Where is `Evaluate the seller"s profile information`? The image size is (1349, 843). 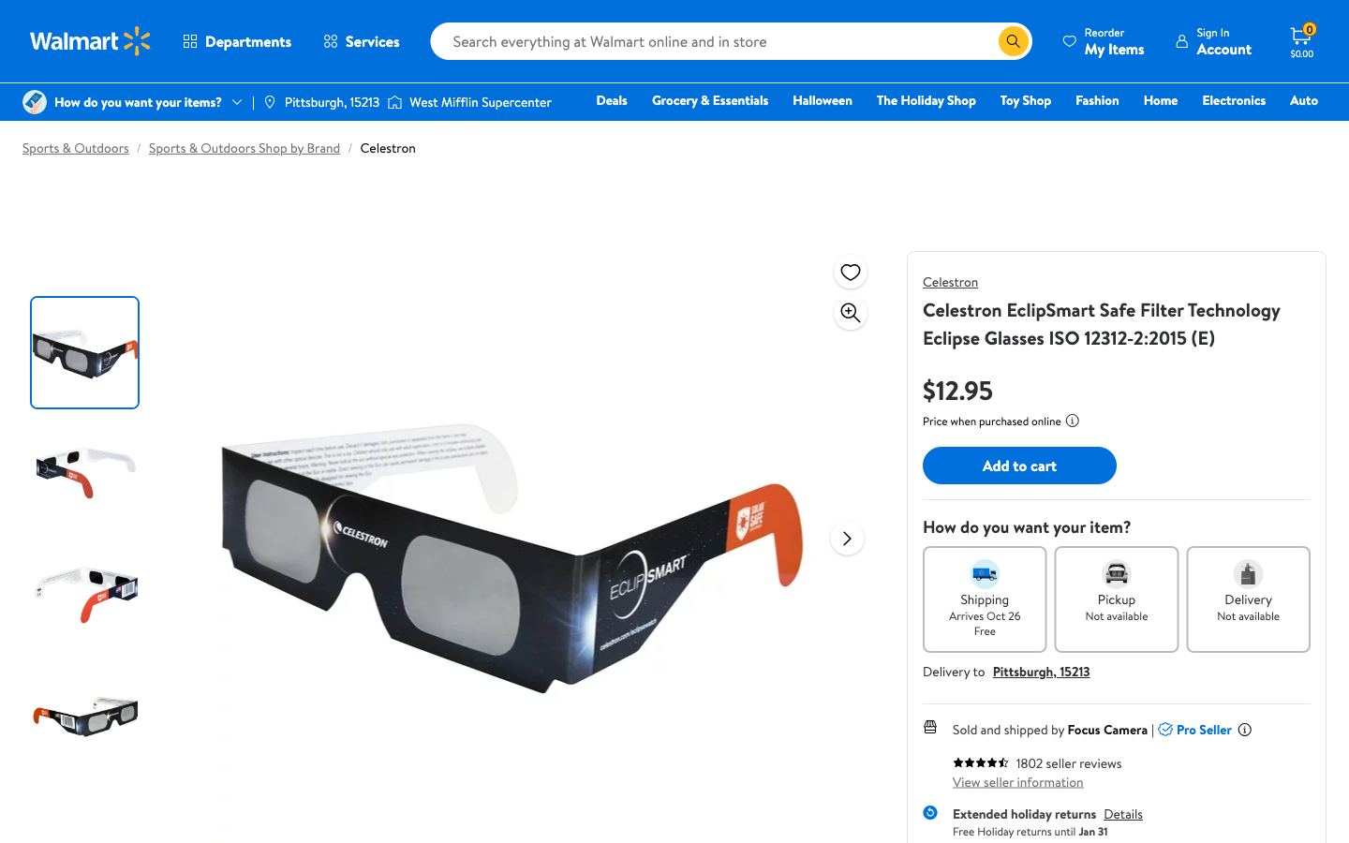
Evaluate the seller"s profile information is located at coordinates (1017, 781).